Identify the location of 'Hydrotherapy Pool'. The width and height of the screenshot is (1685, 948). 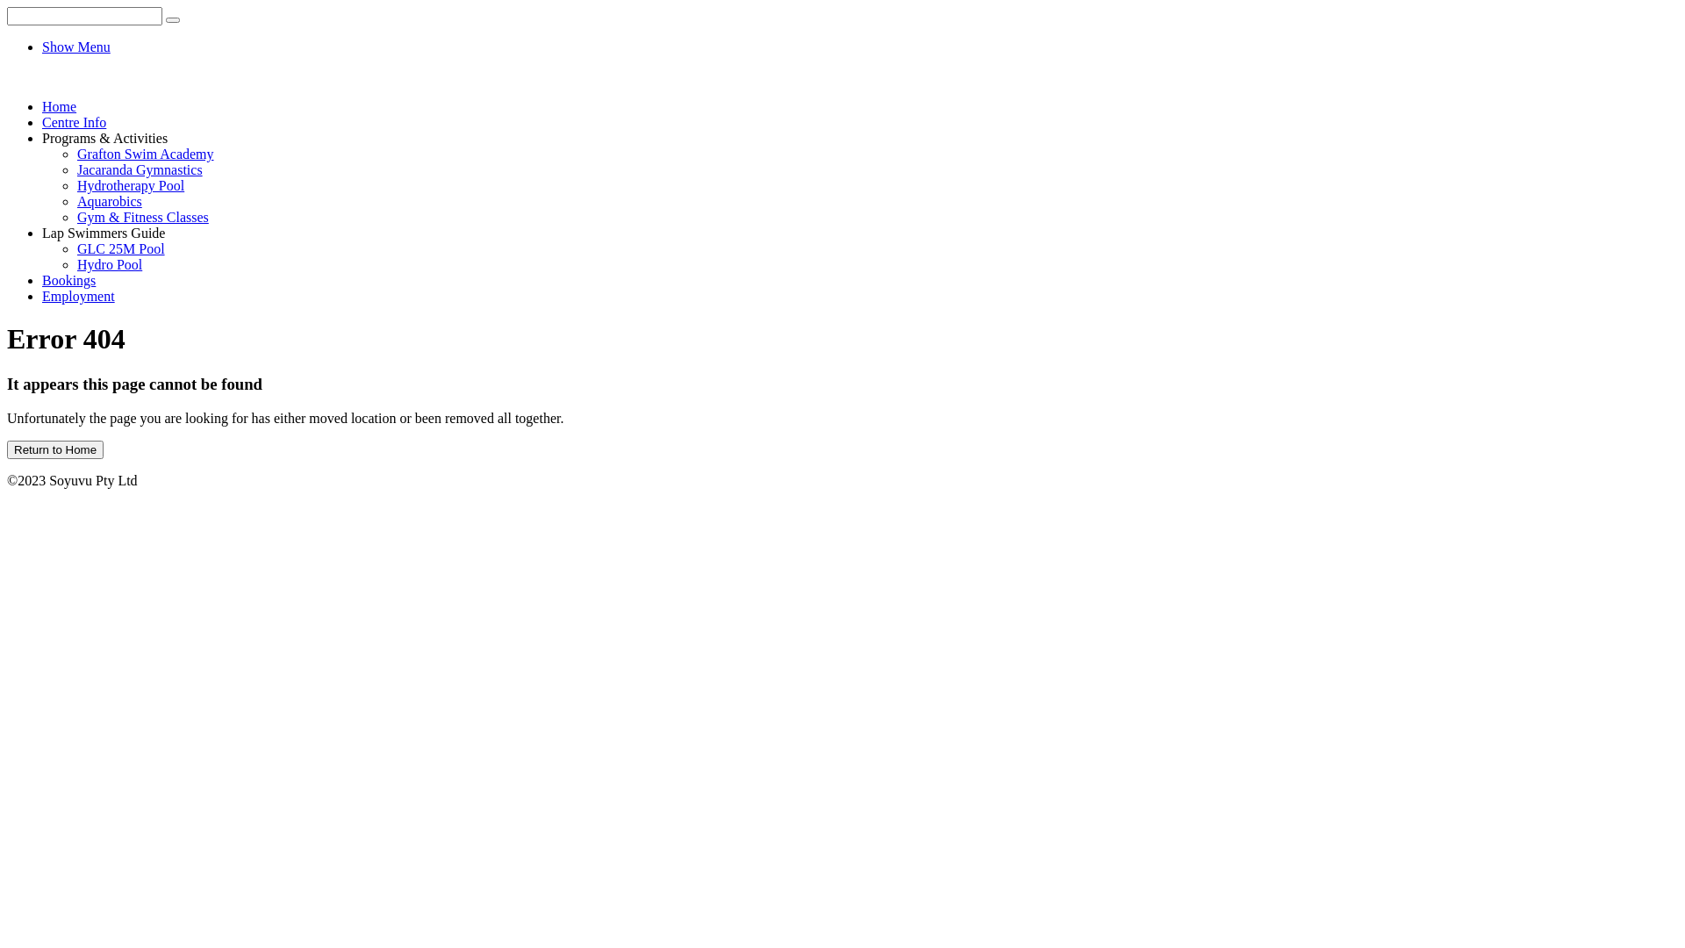
(129, 185).